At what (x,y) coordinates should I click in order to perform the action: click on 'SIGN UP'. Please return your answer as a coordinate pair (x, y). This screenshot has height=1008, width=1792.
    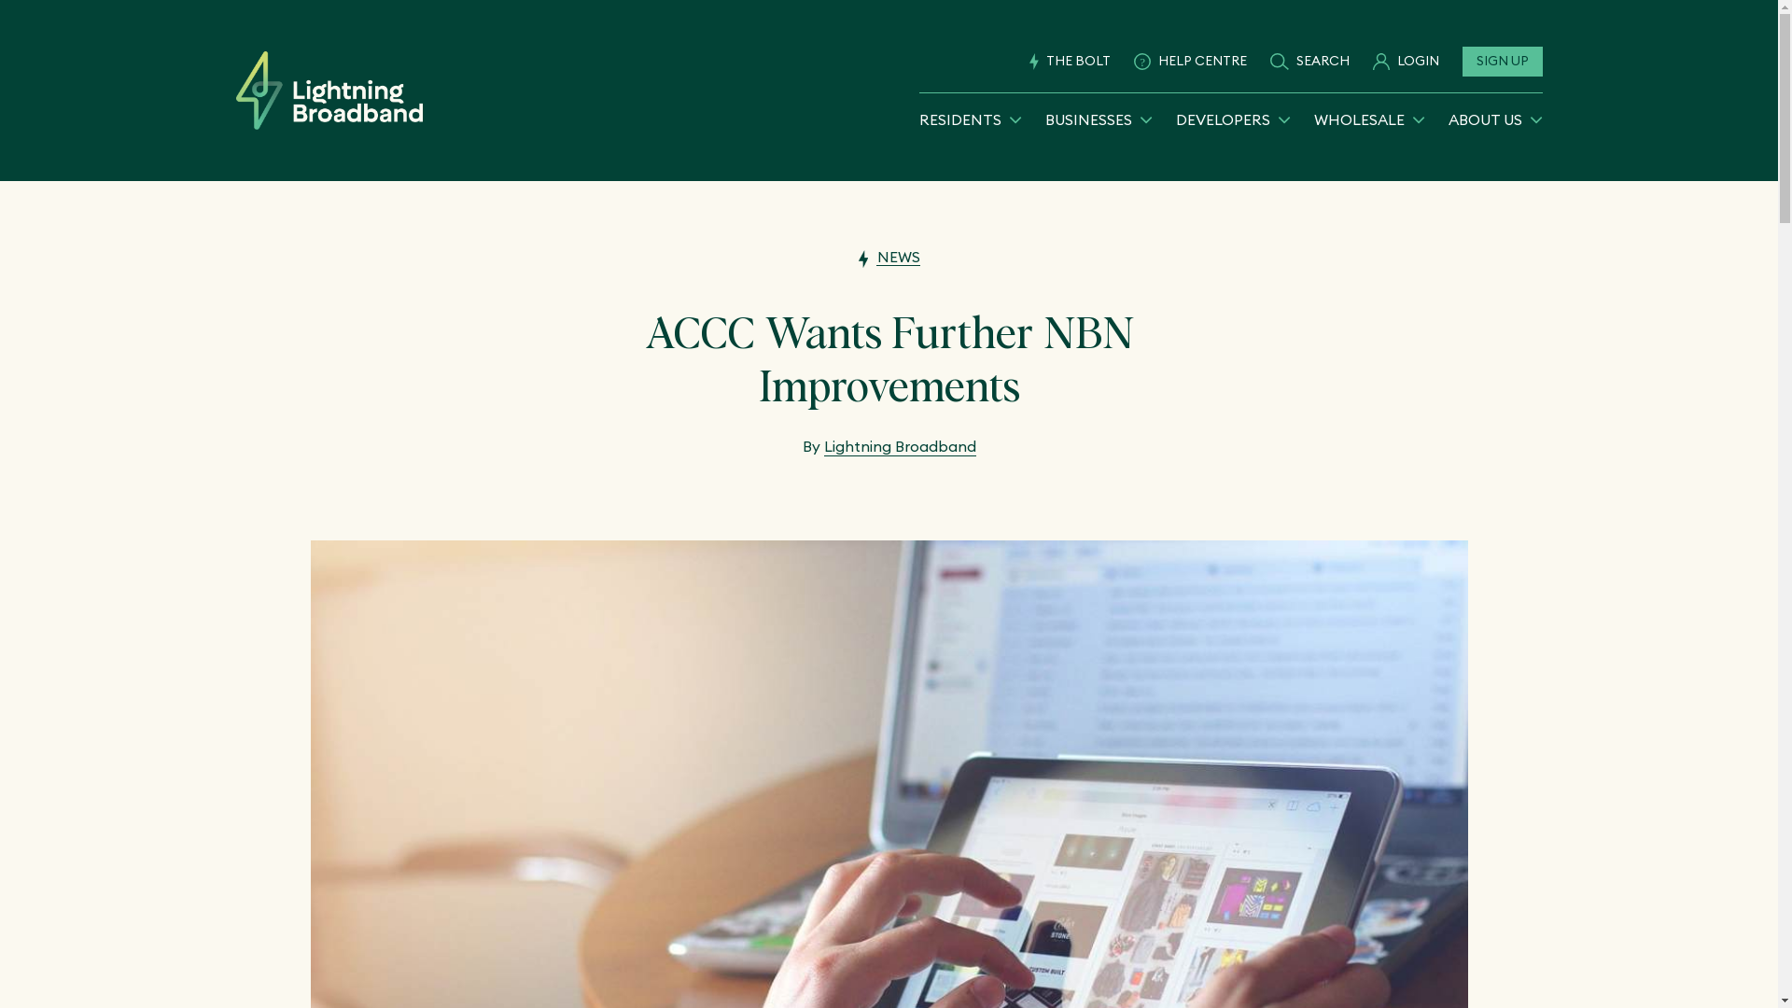
    Looking at the image, I should click on (1460, 60).